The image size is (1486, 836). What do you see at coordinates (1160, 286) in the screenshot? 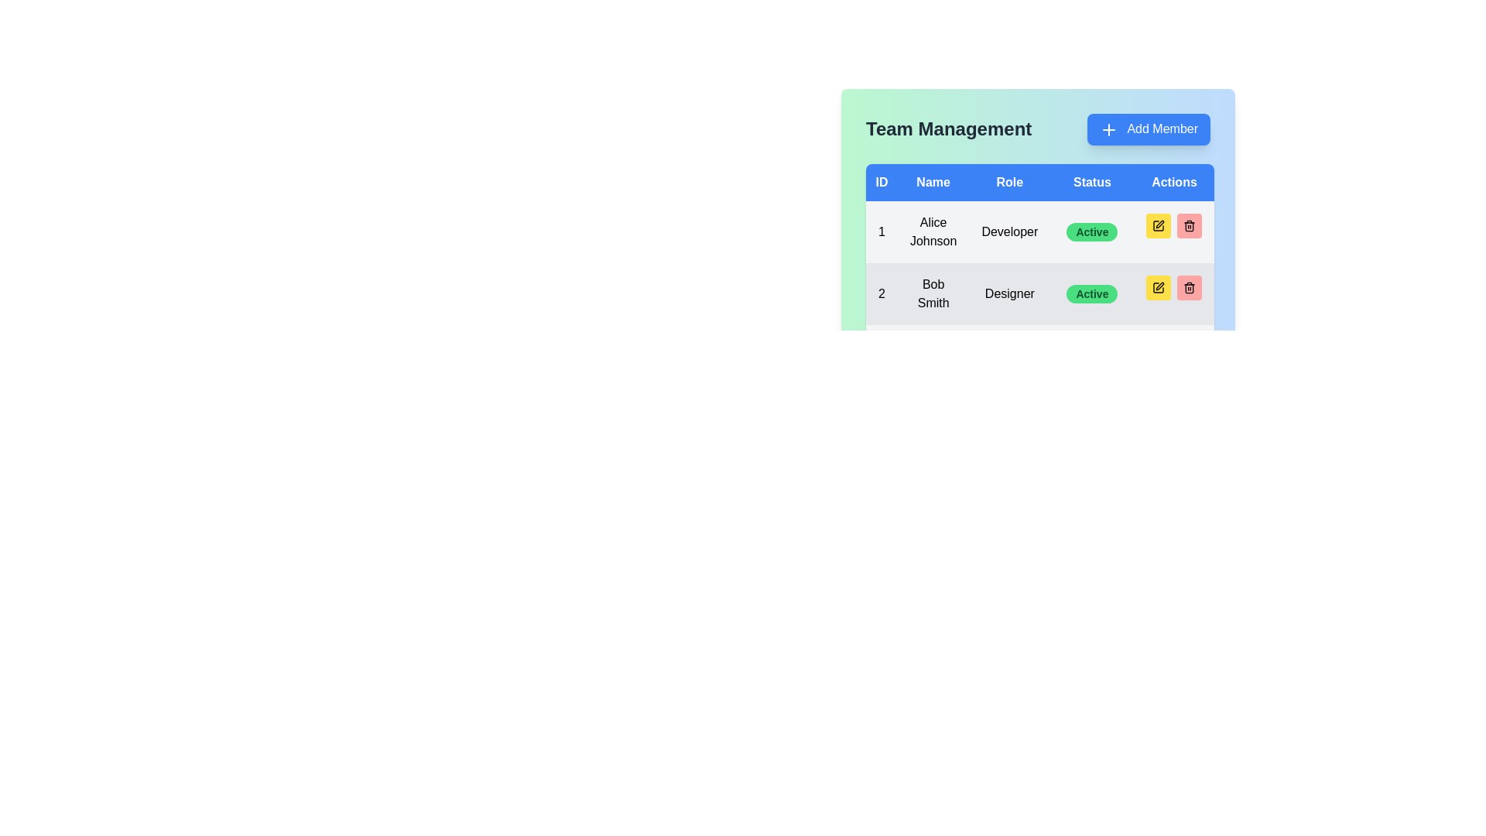
I see `the pen editing icon in the 'Actions' column of the second row associated with the member 'Bob Smith' within the 'Team Management' table` at bounding box center [1160, 286].